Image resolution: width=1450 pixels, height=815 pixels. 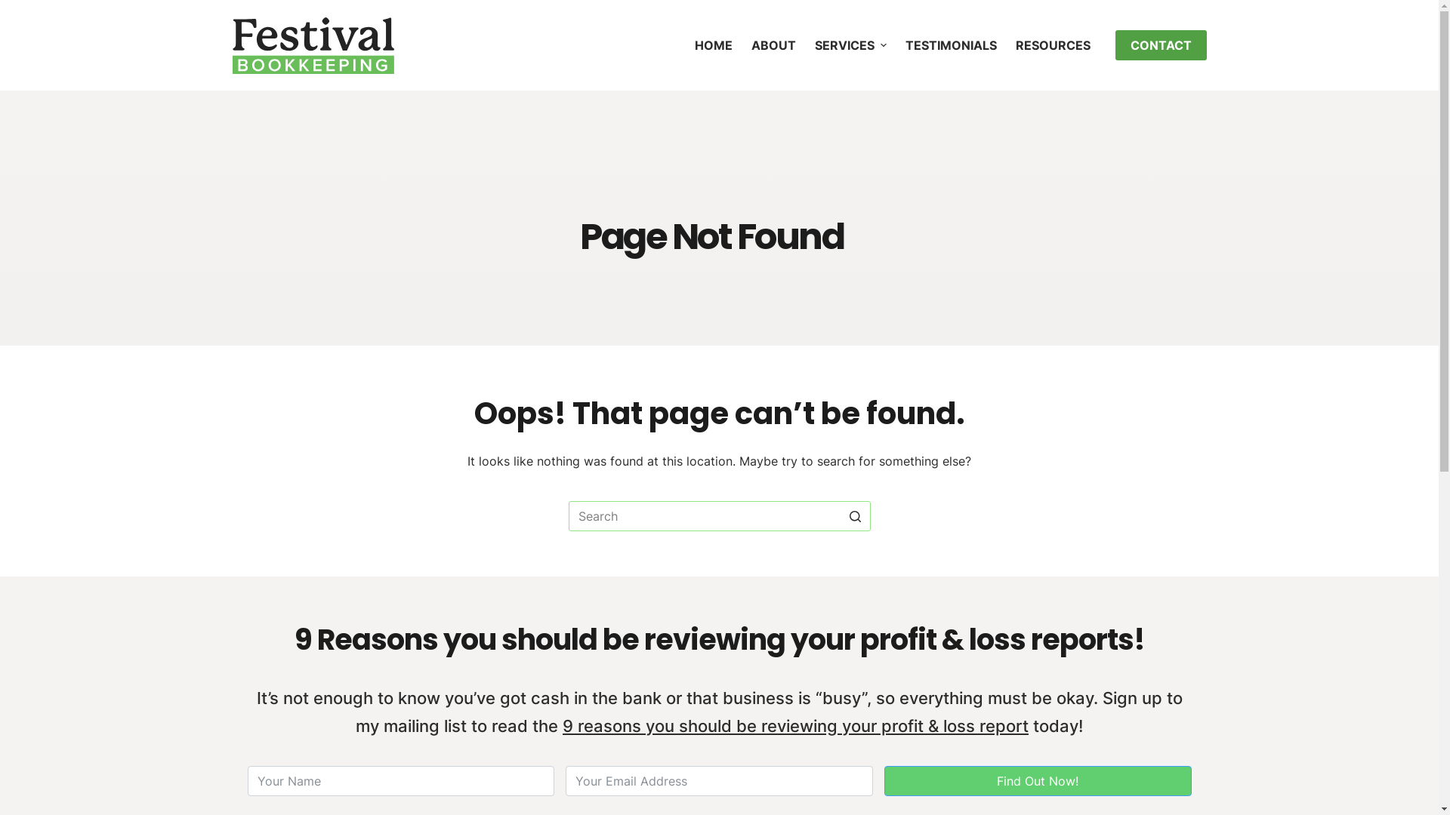 What do you see at coordinates (1037, 780) in the screenshot?
I see `'Find Out Now!'` at bounding box center [1037, 780].